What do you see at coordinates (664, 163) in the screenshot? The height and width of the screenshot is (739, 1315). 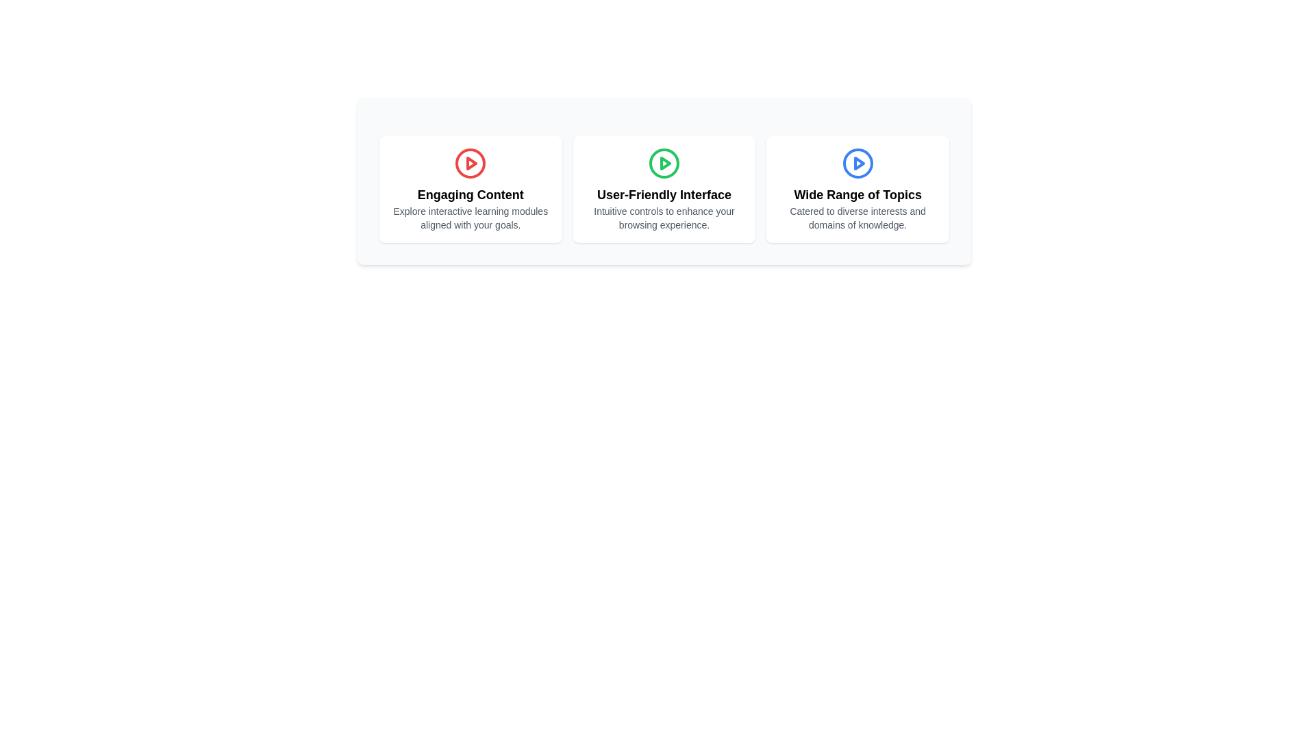 I see `the circular play button icon with a green outline and a triangular play symbol at the center, located above the 'User-Friendly Interface' title` at bounding box center [664, 163].